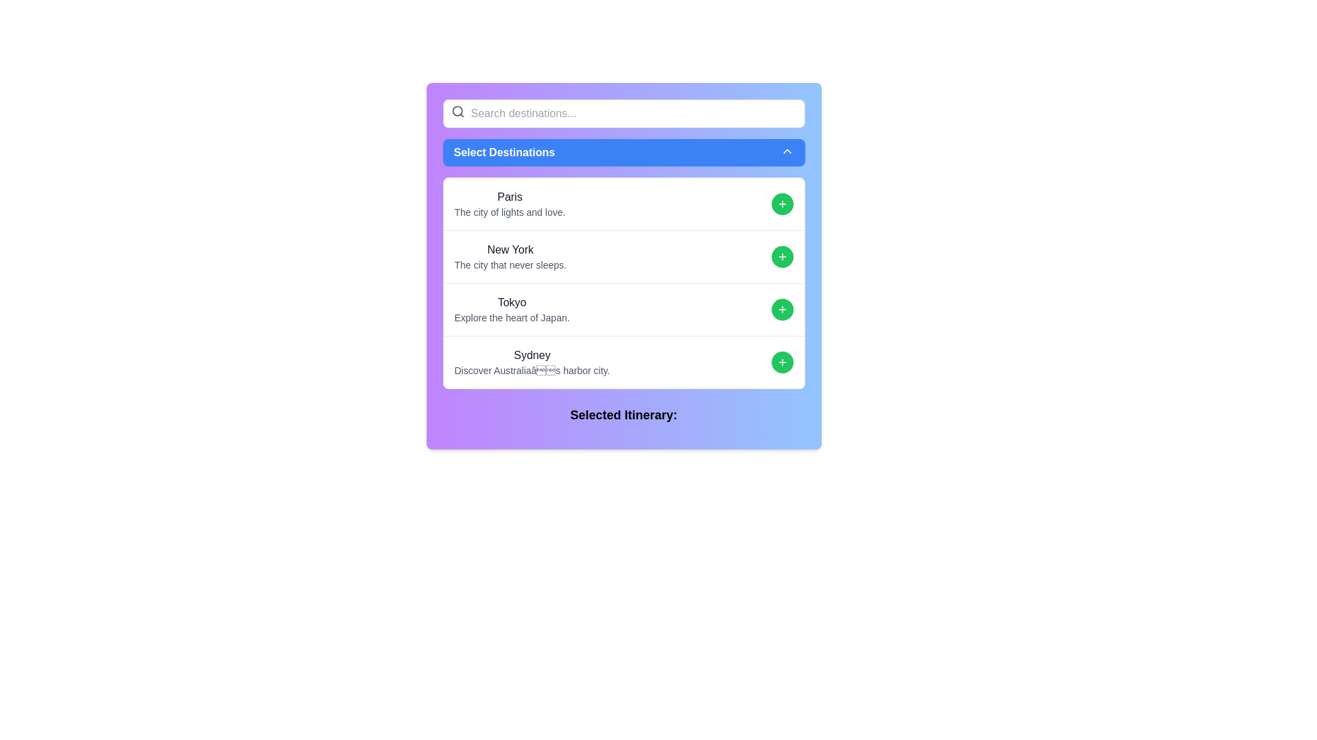  What do you see at coordinates (782, 309) in the screenshot?
I see `the button that adds 'Tokyo' to the itinerary, which is the fourth in a vertical list of similar add buttons aligned with the 'Tokyo' destination option` at bounding box center [782, 309].